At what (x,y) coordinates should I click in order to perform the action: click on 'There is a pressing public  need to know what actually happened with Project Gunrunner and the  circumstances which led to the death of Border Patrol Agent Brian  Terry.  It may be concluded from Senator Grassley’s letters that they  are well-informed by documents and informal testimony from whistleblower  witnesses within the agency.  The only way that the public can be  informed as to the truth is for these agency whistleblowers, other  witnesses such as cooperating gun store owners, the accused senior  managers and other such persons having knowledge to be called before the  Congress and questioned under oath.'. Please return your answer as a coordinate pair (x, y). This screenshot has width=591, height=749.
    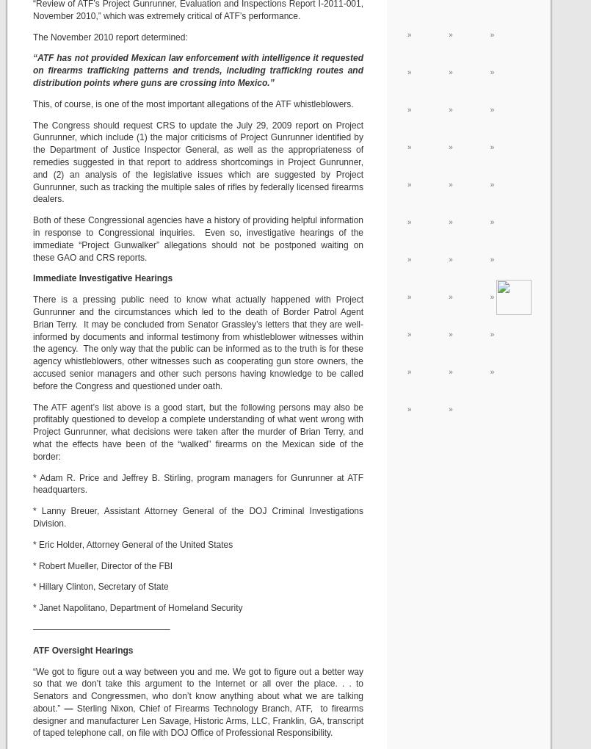
    Looking at the image, I should click on (32, 341).